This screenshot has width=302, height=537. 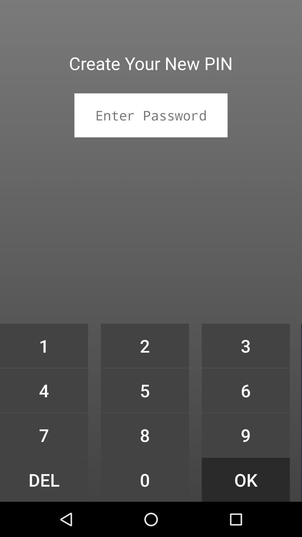 What do you see at coordinates (44, 479) in the screenshot?
I see `the icon below the 7 item` at bounding box center [44, 479].